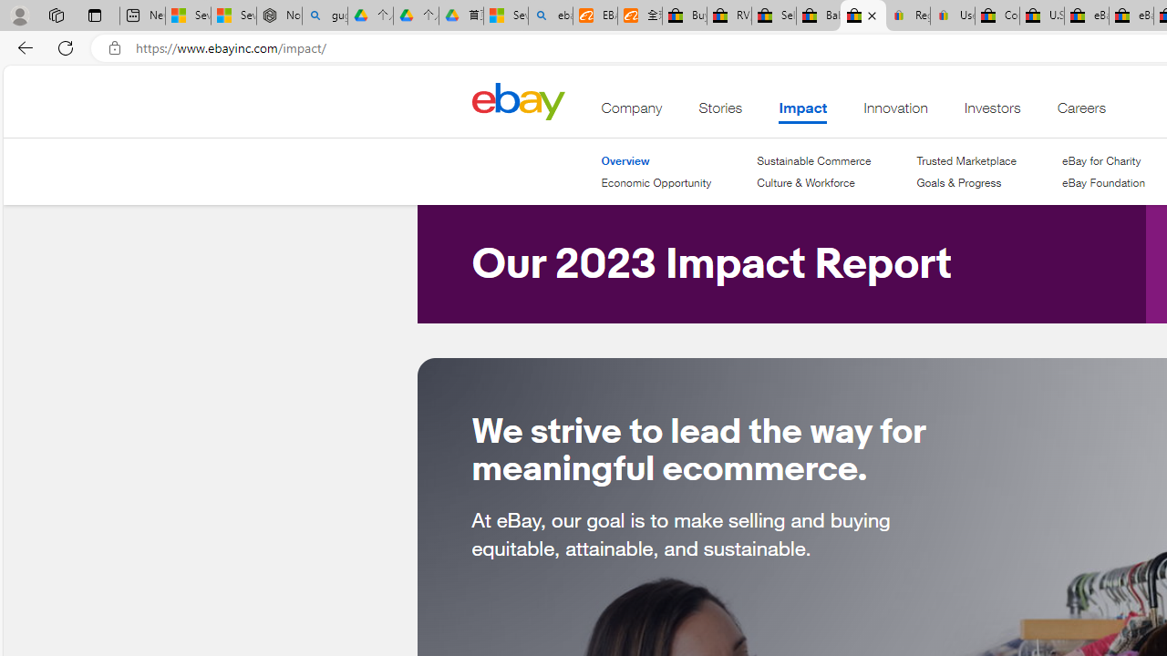 This screenshot has height=656, width=1167. I want to click on 'Company', so click(632, 112).